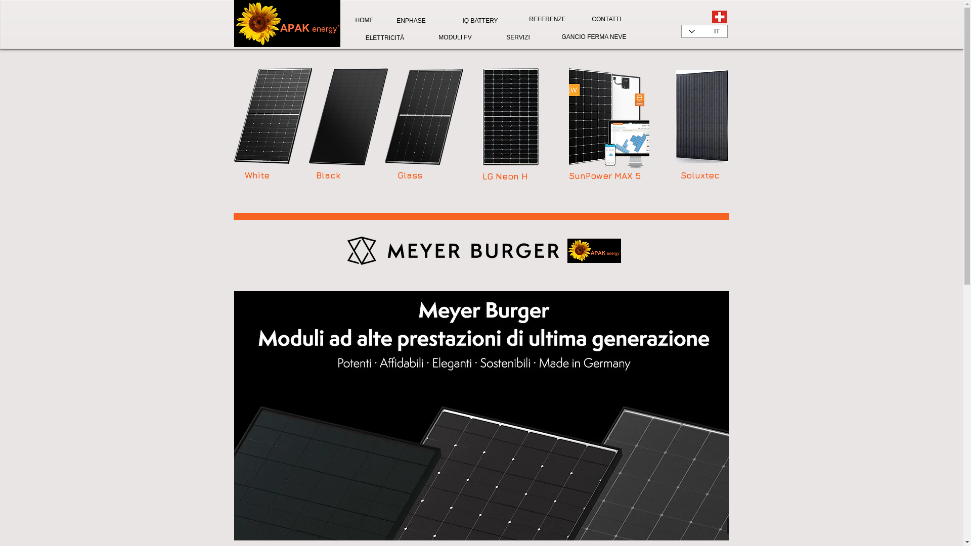 Image resolution: width=971 pixels, height=546 pixels. I want to click on 'REFERENZE', so click(546, 19).